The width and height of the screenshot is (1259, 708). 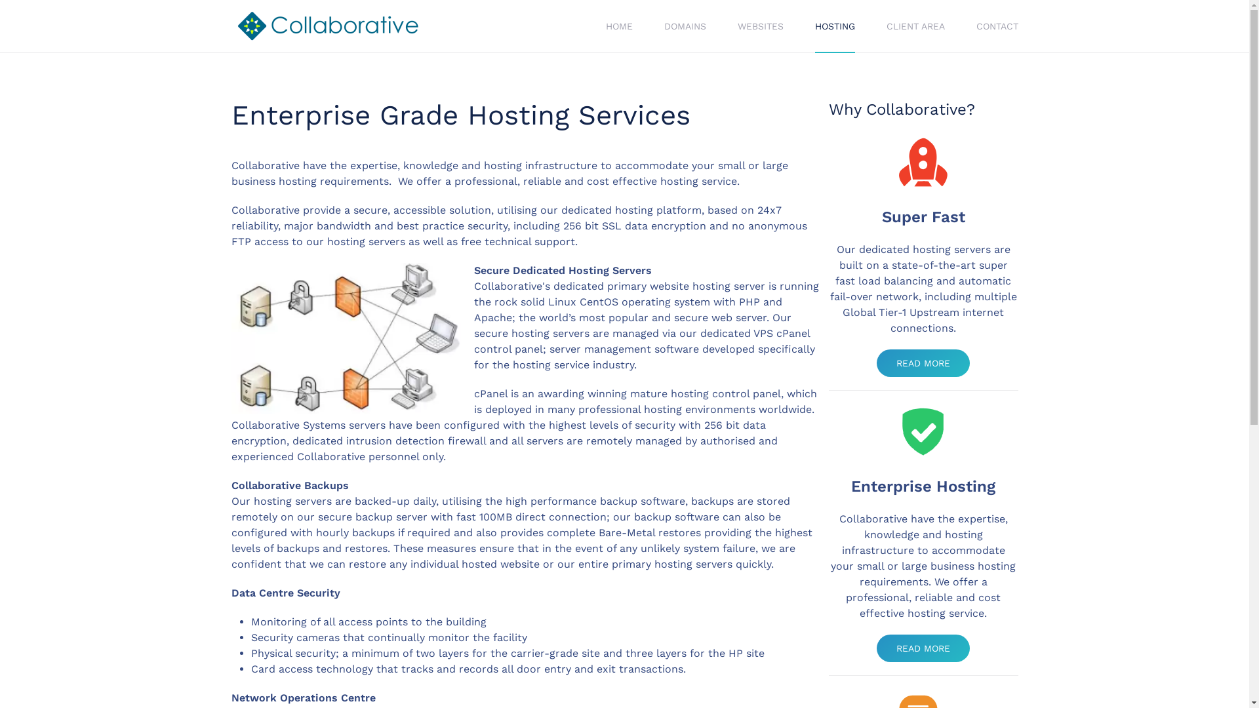 What do you see at coordinates (997, 26) in the screenshot?
I see `'CONTACT'` at bounding box center [997, 26].